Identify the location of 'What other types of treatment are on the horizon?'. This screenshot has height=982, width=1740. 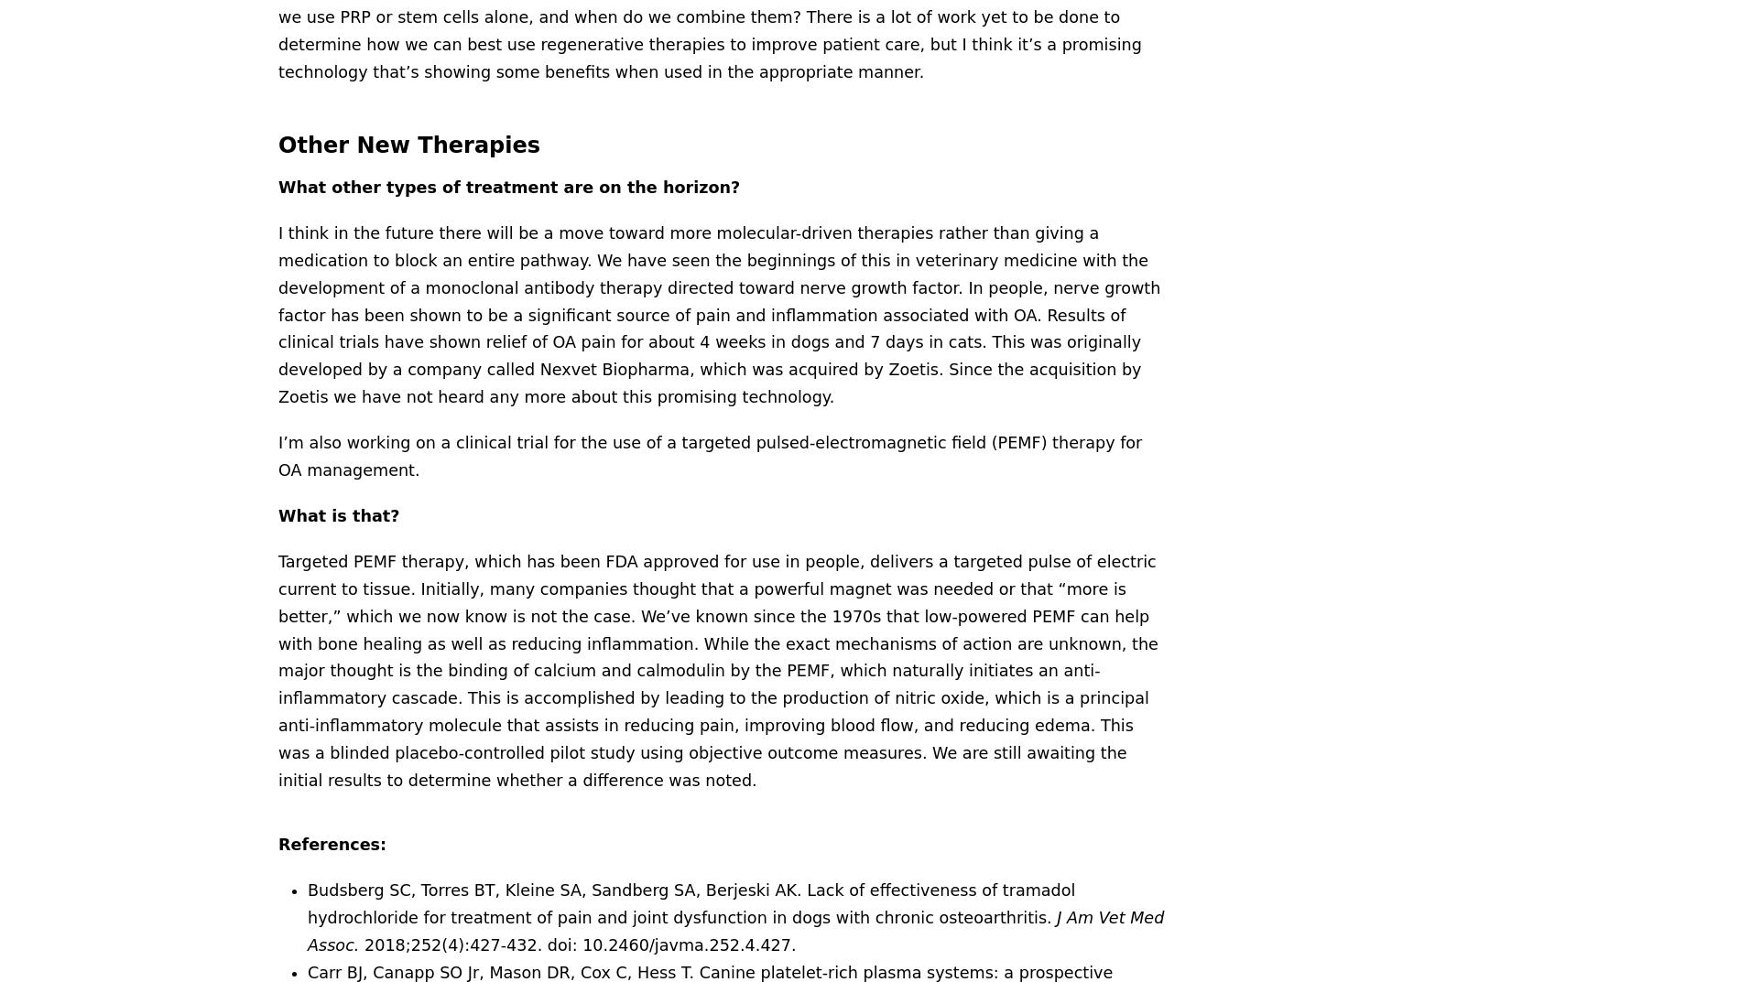
(508, 186).